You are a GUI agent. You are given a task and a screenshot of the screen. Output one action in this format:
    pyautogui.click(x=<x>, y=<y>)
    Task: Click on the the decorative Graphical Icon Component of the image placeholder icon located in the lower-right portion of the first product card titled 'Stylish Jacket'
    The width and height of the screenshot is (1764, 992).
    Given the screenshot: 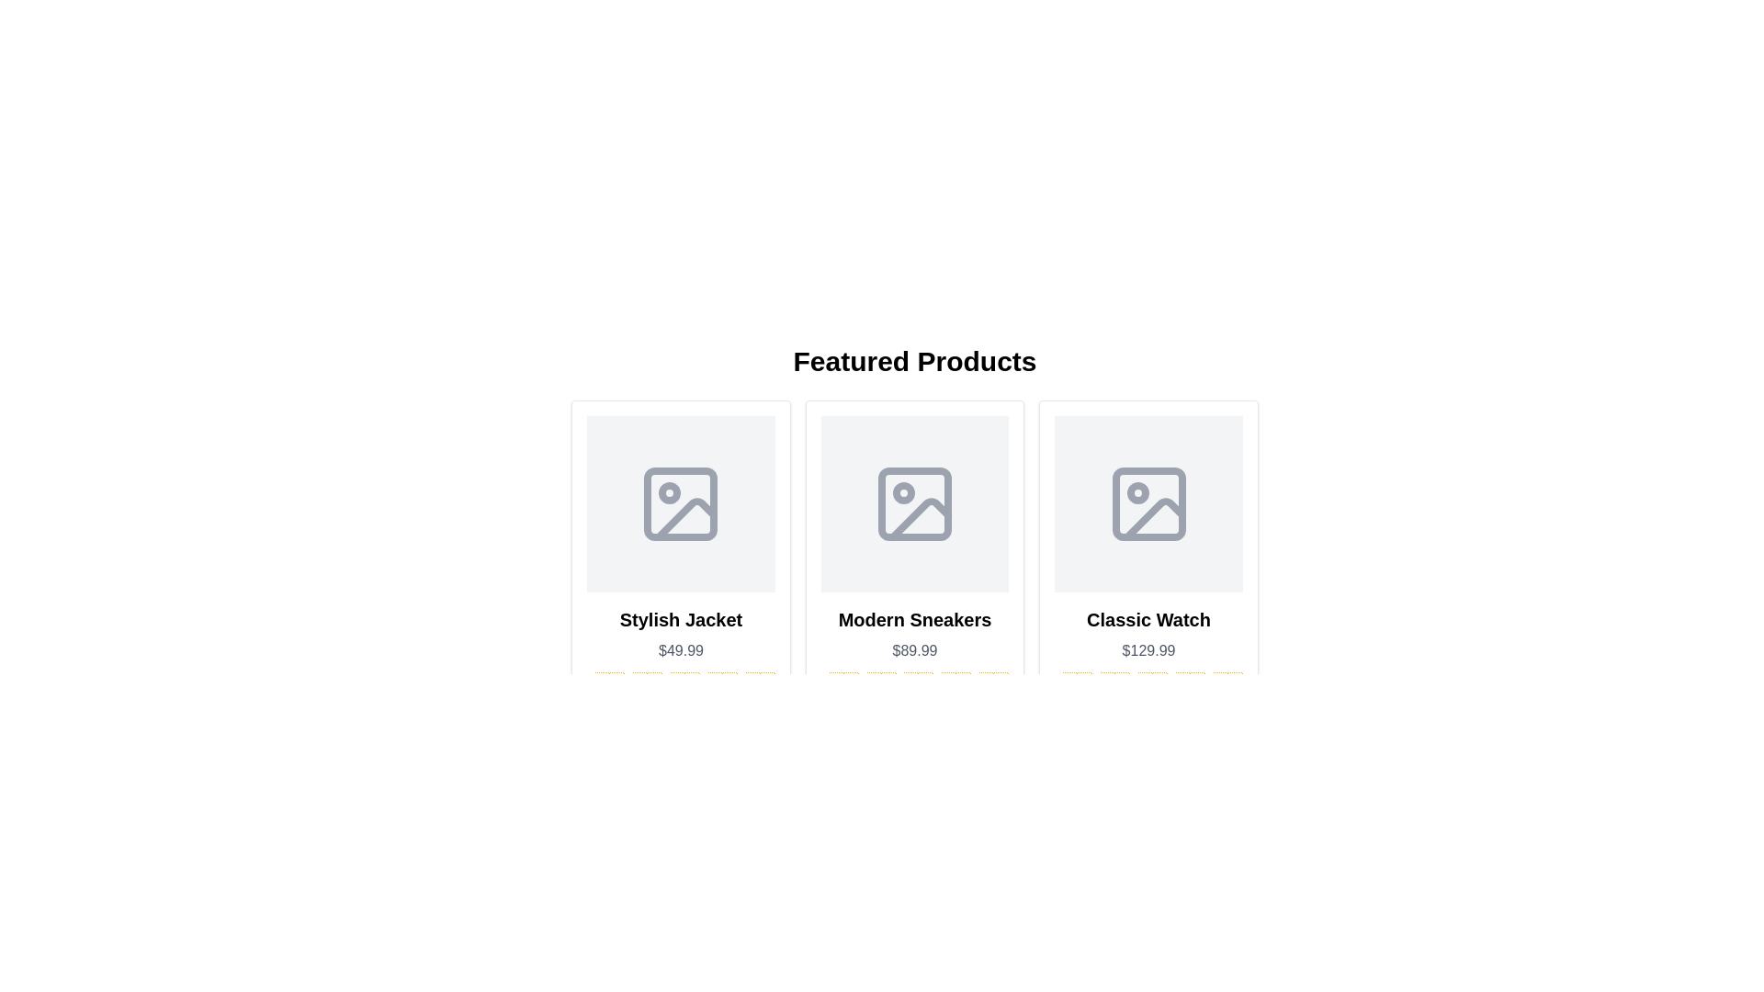 What is the action you would take?
    pyautogui.click(x=685, y=519)
    